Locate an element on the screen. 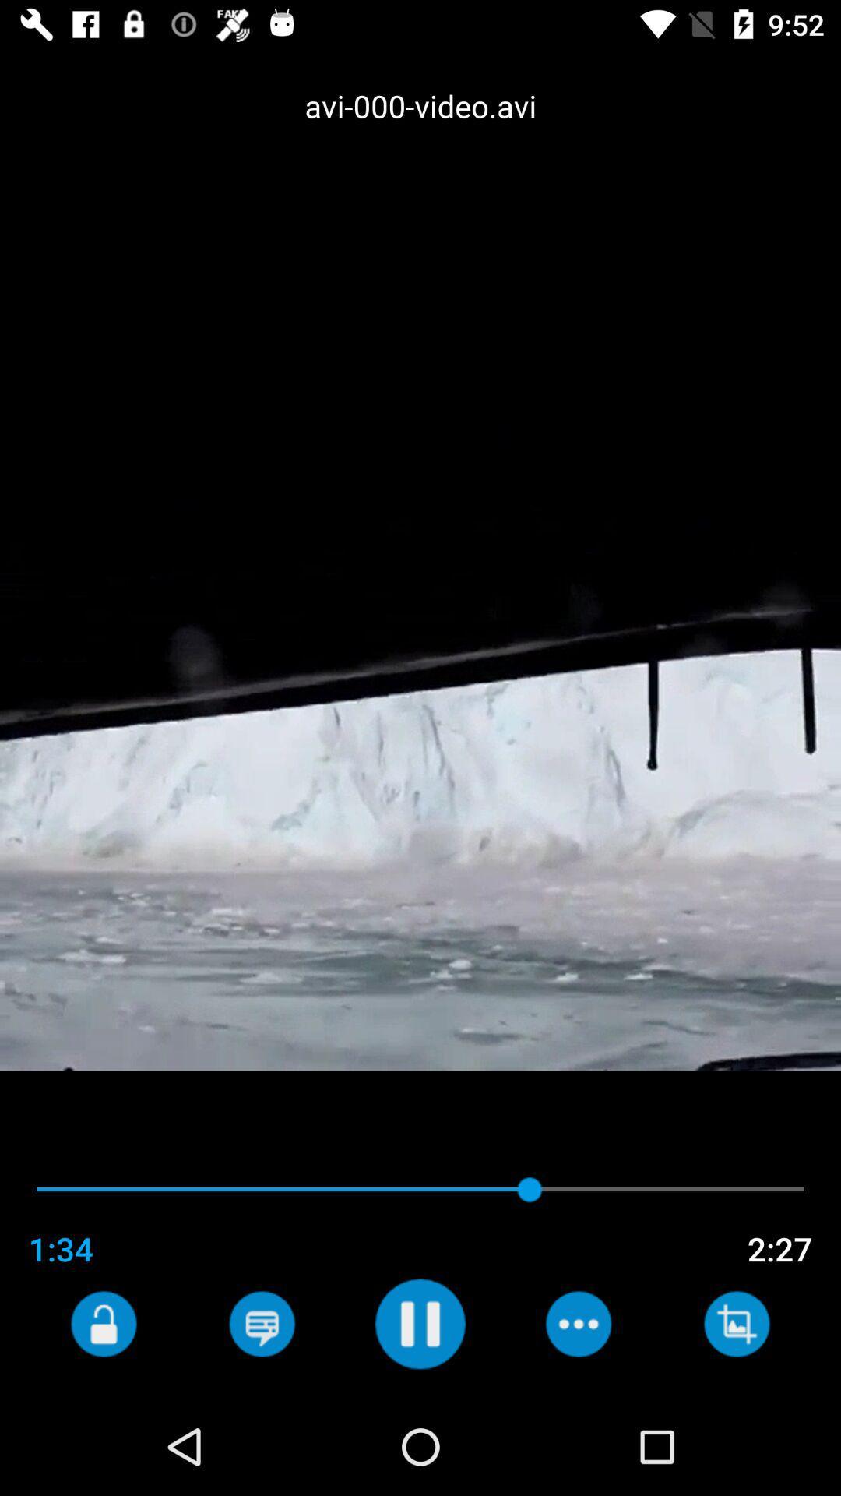 This screenshot has height=1496, width=841. edit video is located at coordinates (736, 1323).